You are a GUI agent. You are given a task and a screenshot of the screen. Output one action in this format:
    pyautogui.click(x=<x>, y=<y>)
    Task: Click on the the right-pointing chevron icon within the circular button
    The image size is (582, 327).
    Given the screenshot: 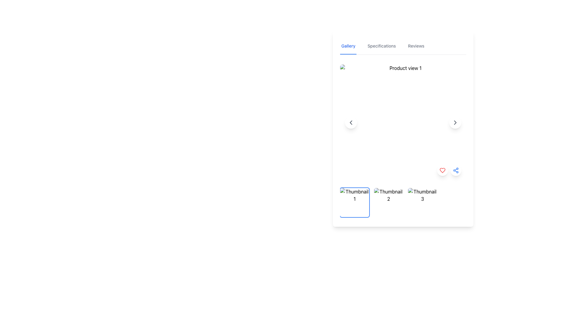 What is the action you would take?
    pyautogui.click(x=455, y=123)
    